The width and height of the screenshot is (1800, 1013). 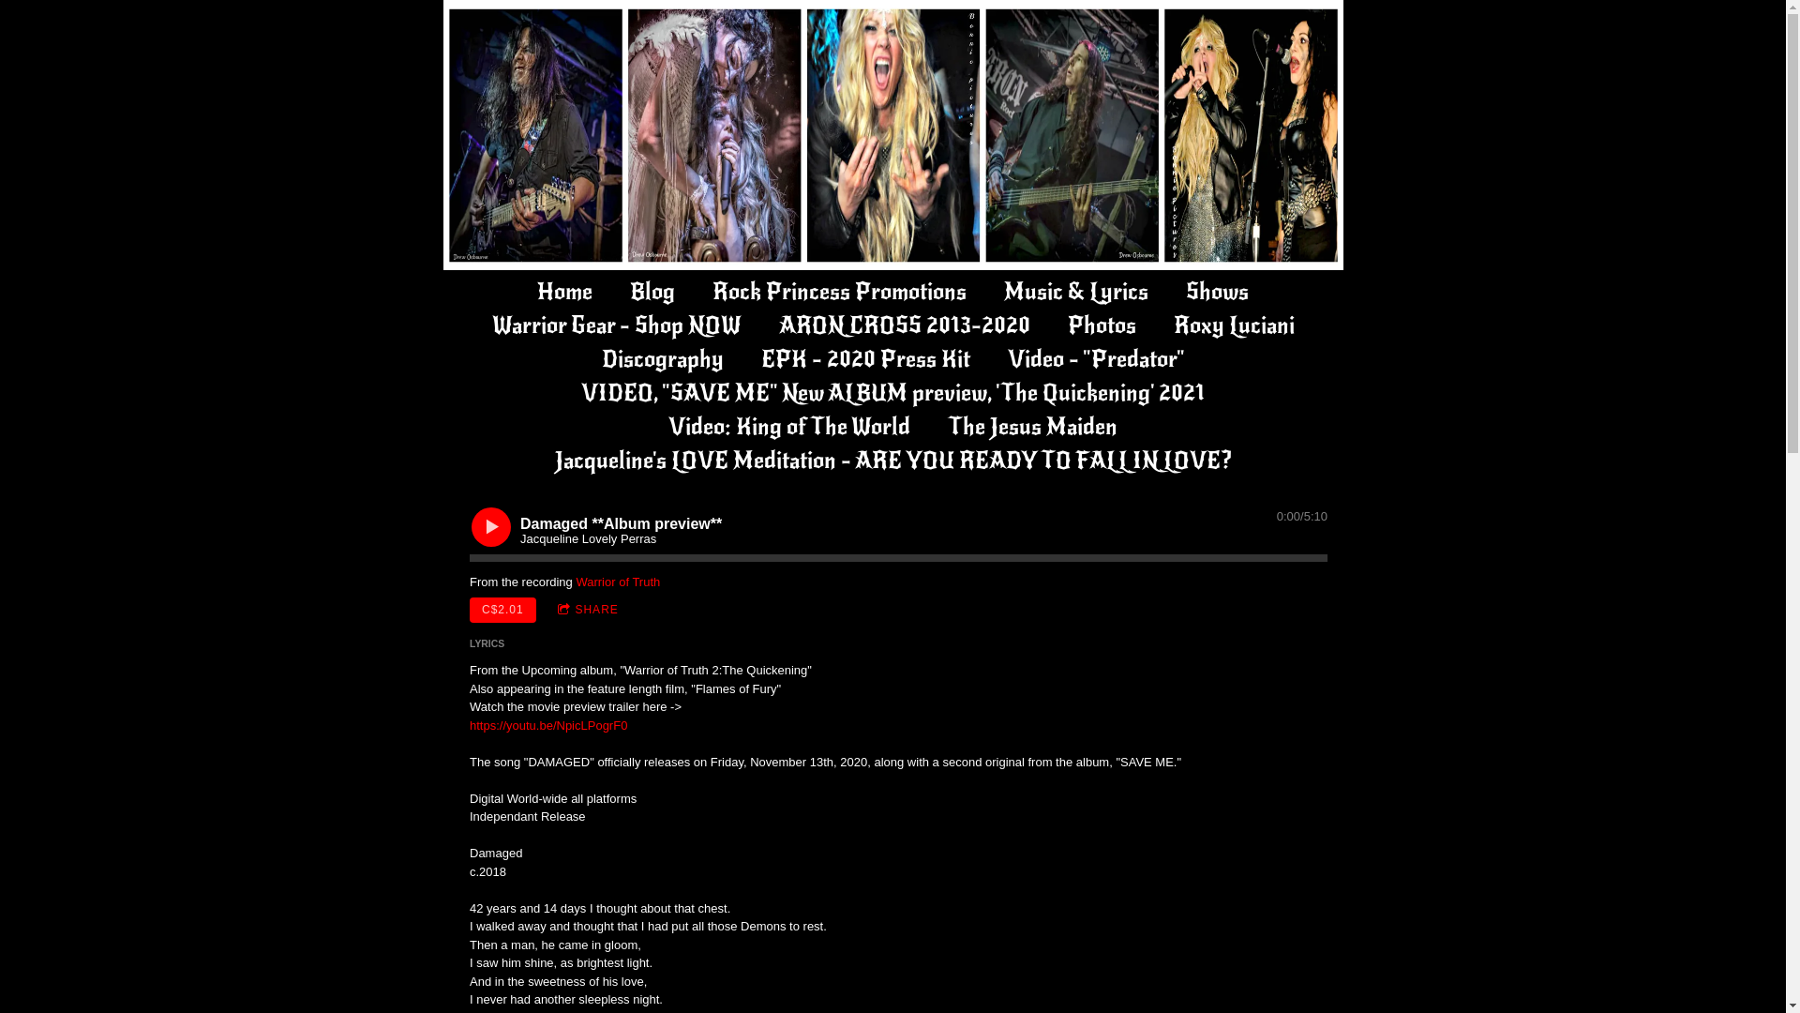 I want to click on 'Shows', so click(x=1217, y=292).